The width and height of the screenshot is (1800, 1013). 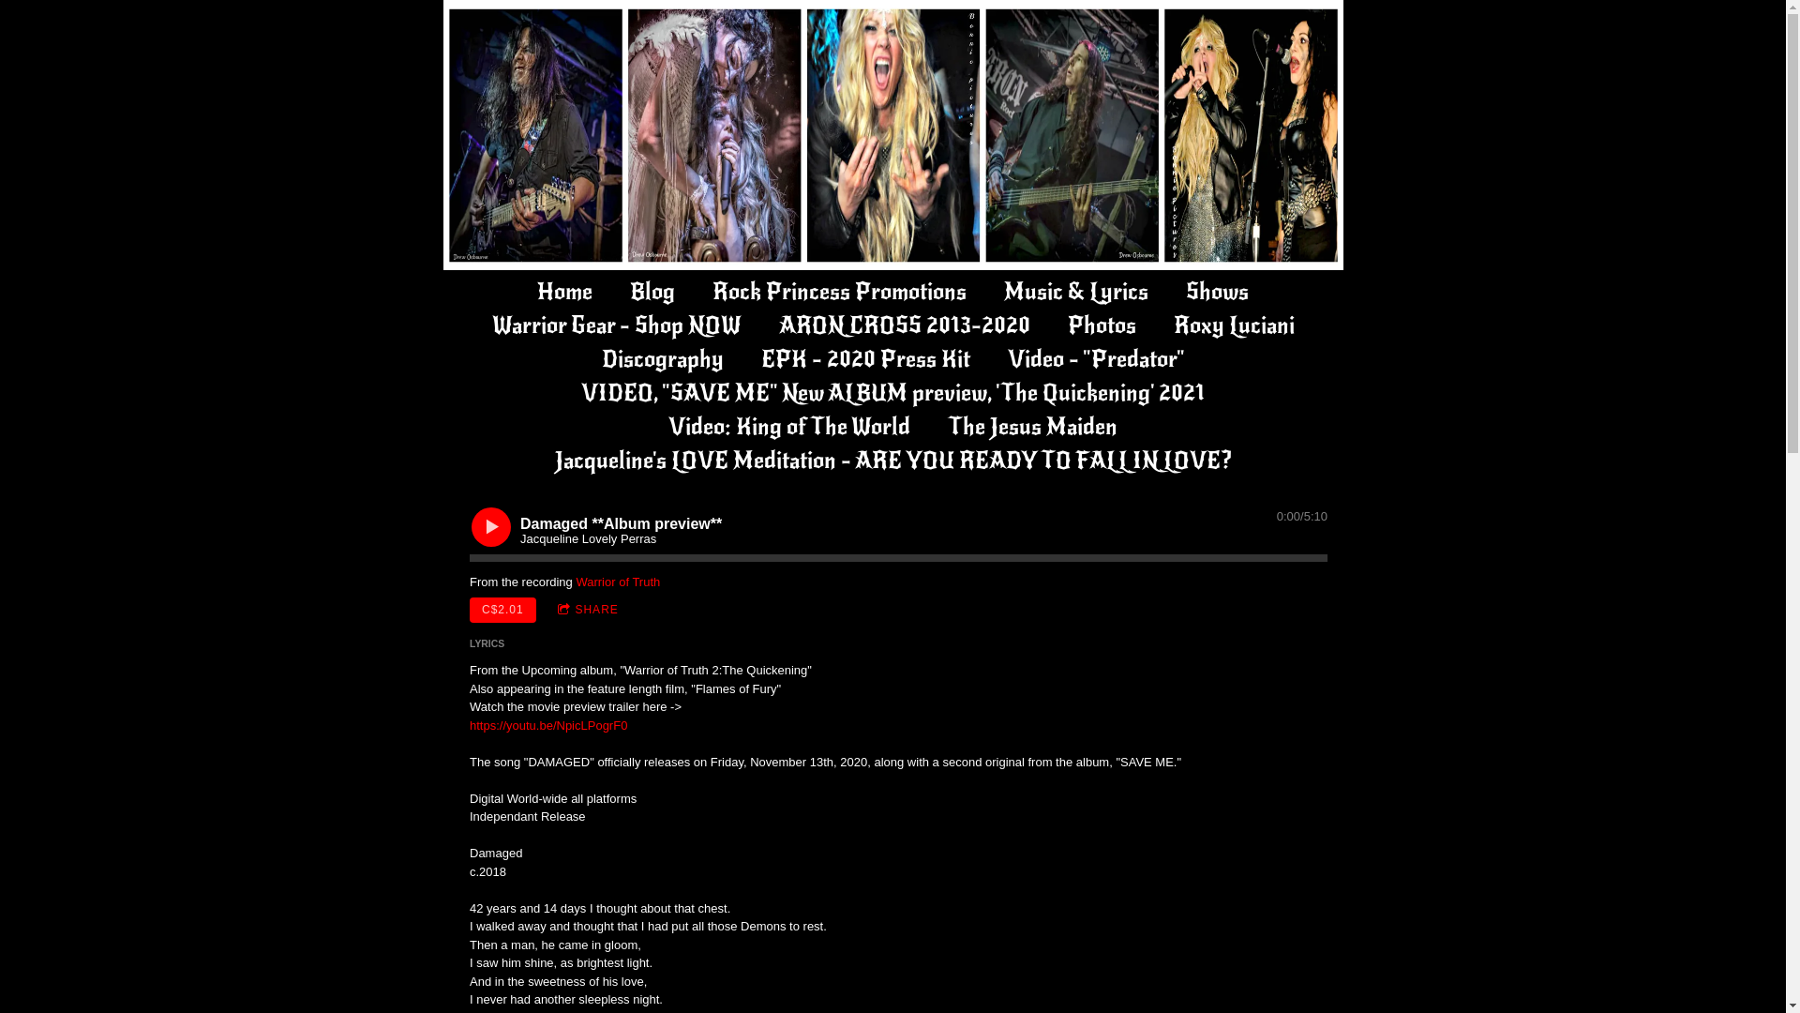 I want to click on 'Shows', so click(x=1217, y=292).